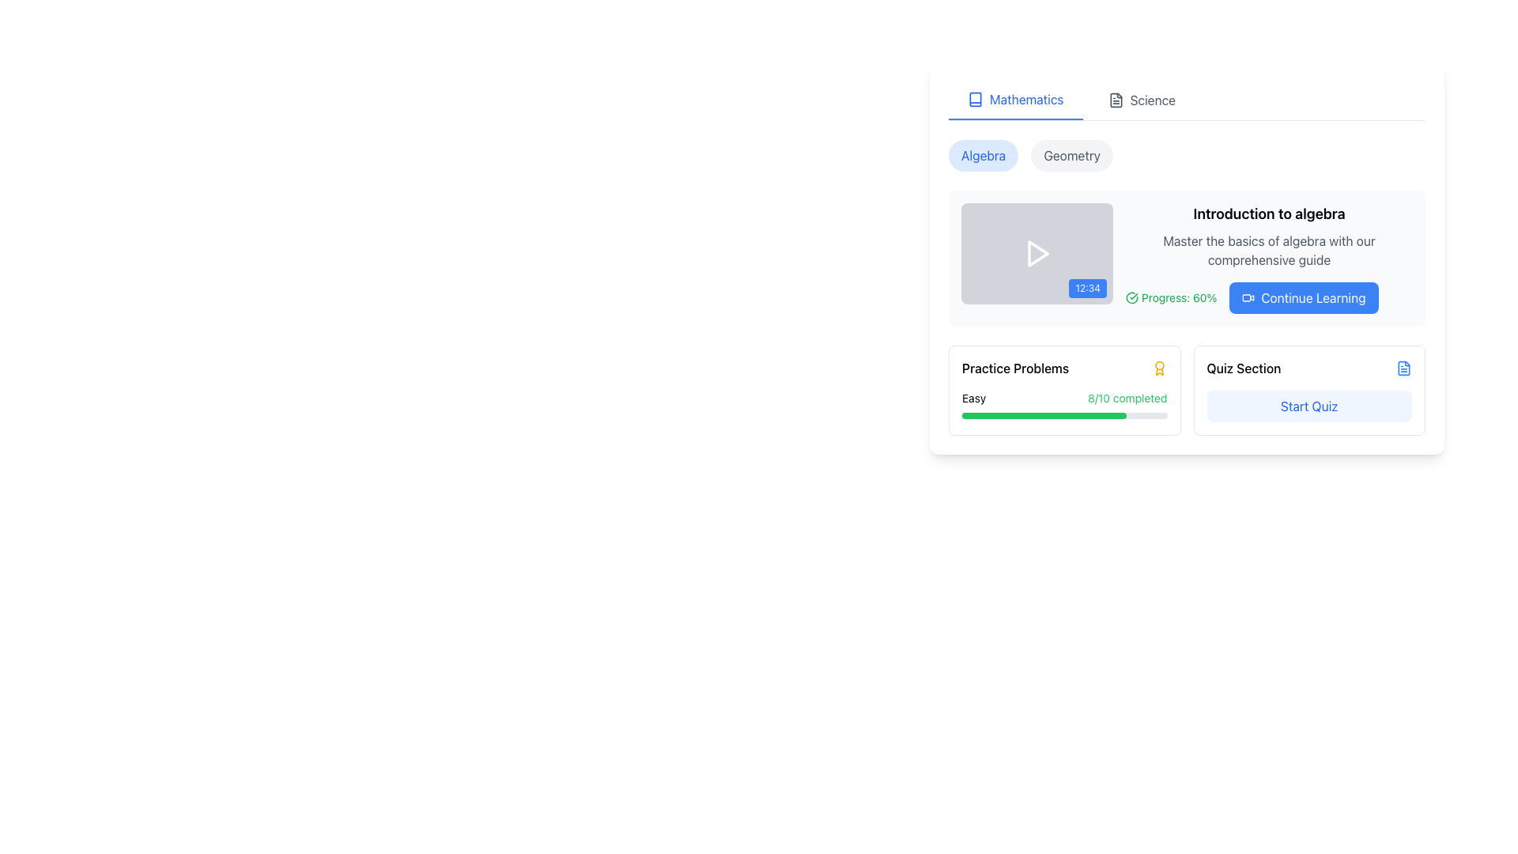  I want to click on the visual representation of the video feature by interacting with the 'Continue Learning' button's icon, which is positioned center-right and left-aligned within the button, so click(1248, 298).